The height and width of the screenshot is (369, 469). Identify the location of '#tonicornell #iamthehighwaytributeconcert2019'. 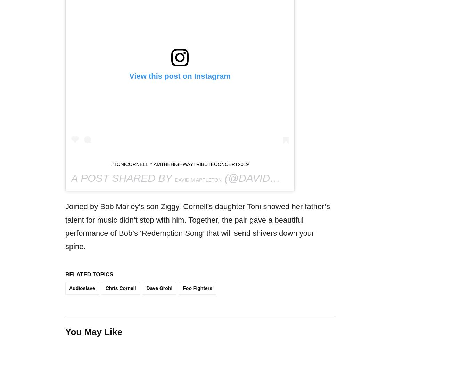
(110, 164).